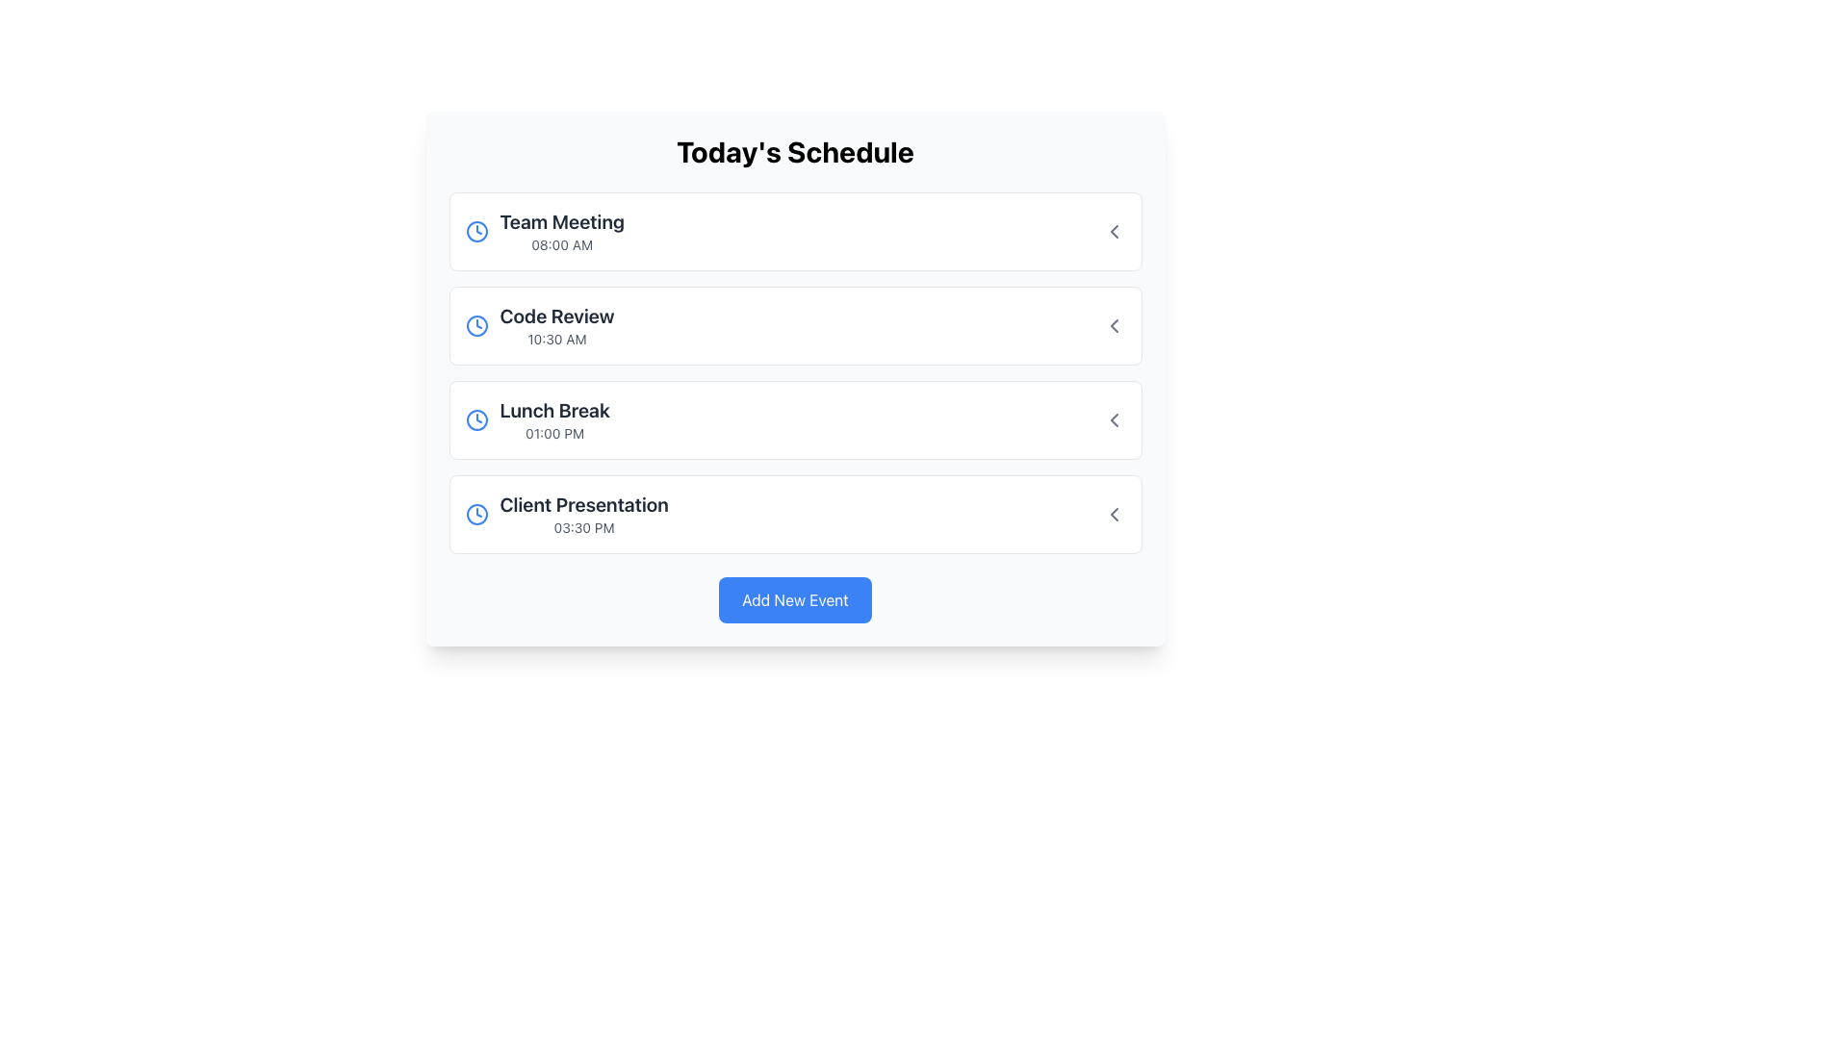 This screenshot has width=1848, height=1039. What do you see at coordinates (476, 325) in the screenshot?
I see `the SVG Circle element that represents the clock face of the icon, which is centered within the 'Code Review' list item` at bounding box center [476, 325].